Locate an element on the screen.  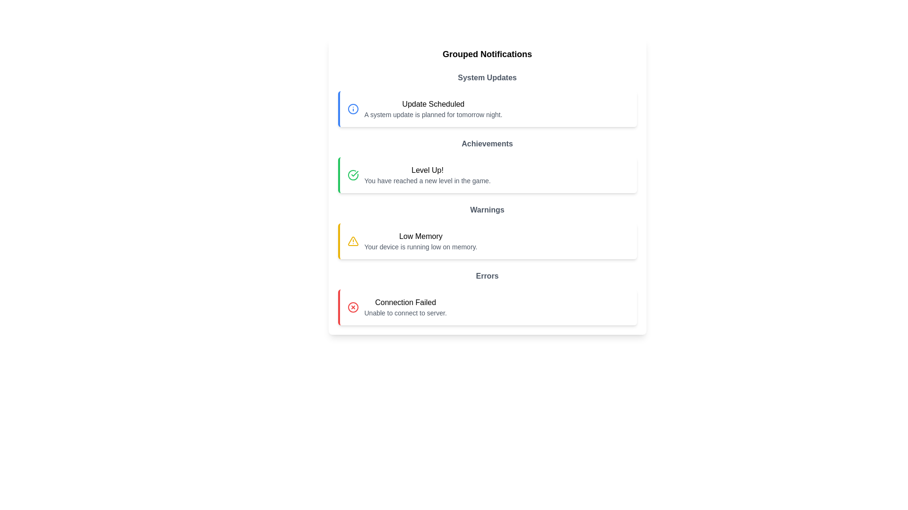
the bottommost textual notification card in the 'Errors' section of the notification interface that indicates a connection failure is located at coordinates (405, 307).